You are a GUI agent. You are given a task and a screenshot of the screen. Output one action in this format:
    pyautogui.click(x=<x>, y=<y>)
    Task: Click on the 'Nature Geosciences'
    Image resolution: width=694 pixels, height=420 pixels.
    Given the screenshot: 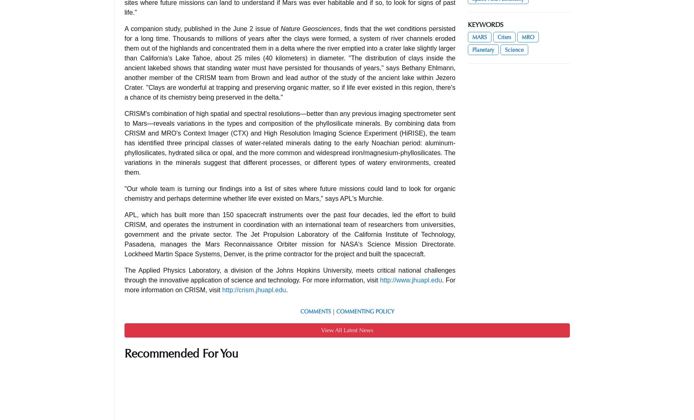 What is the action you would take?
    pyautogui.click(x=310, y=28)
    